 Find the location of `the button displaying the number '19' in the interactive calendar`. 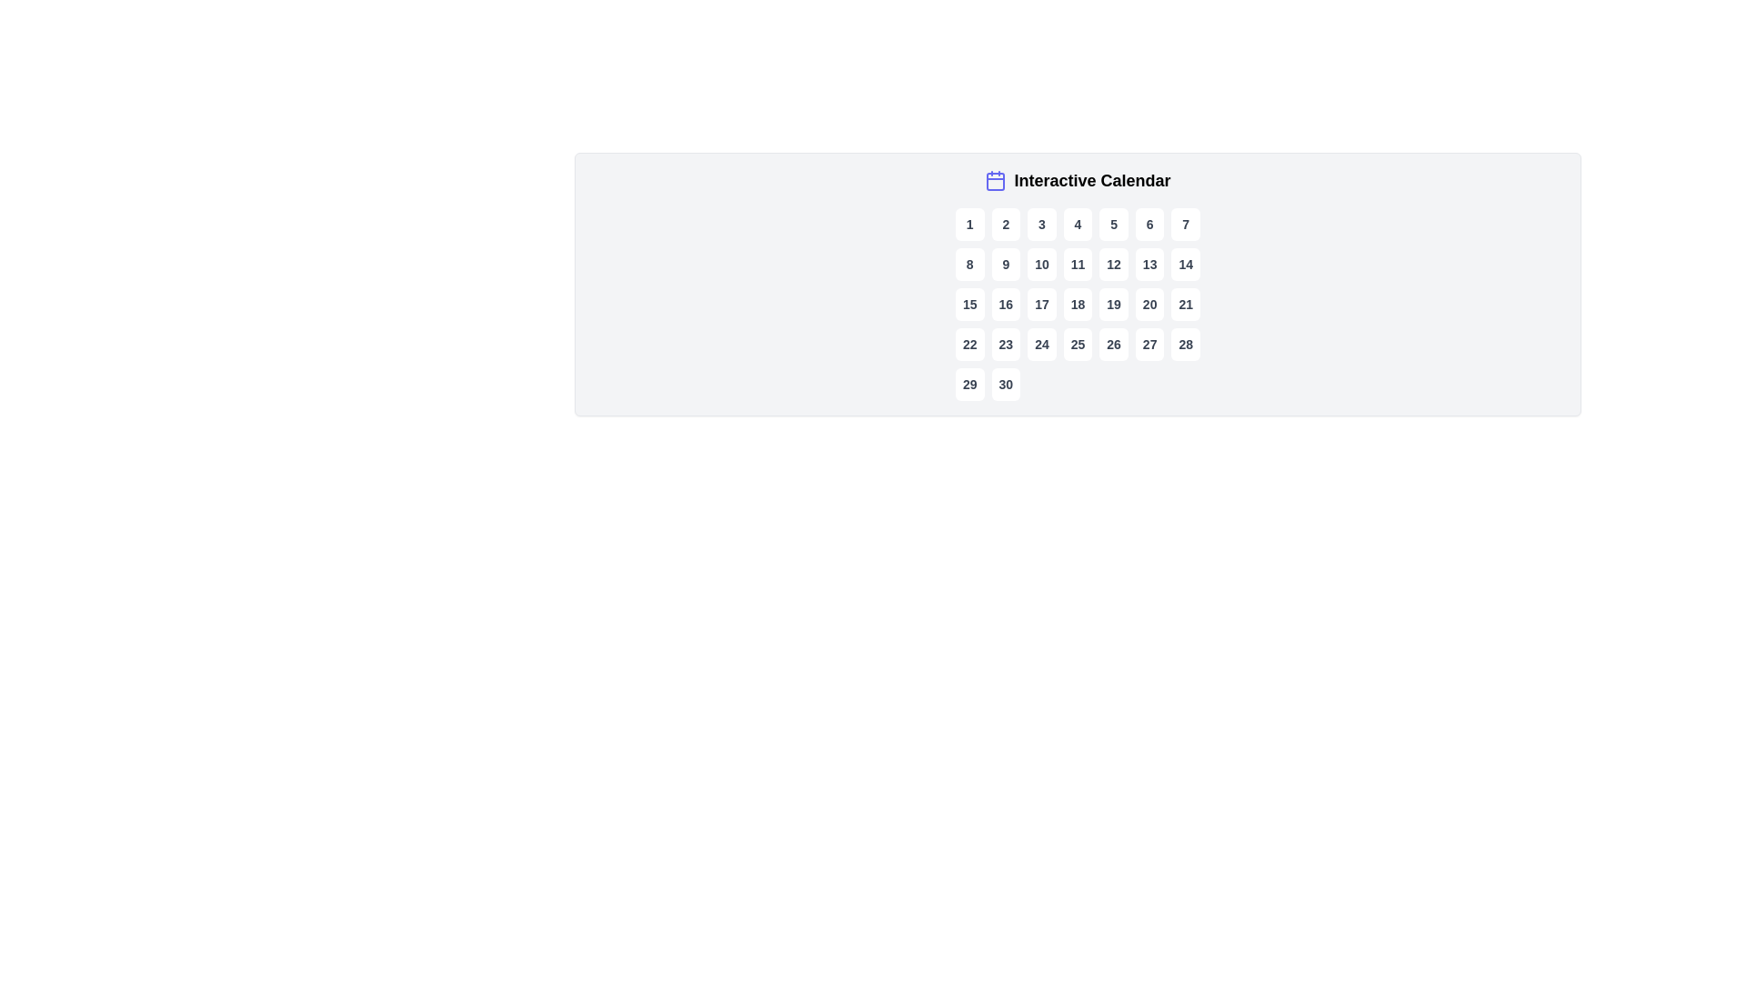

the button displaying the number '19' in the interactive calendar is located at coordinates (1113, 304).